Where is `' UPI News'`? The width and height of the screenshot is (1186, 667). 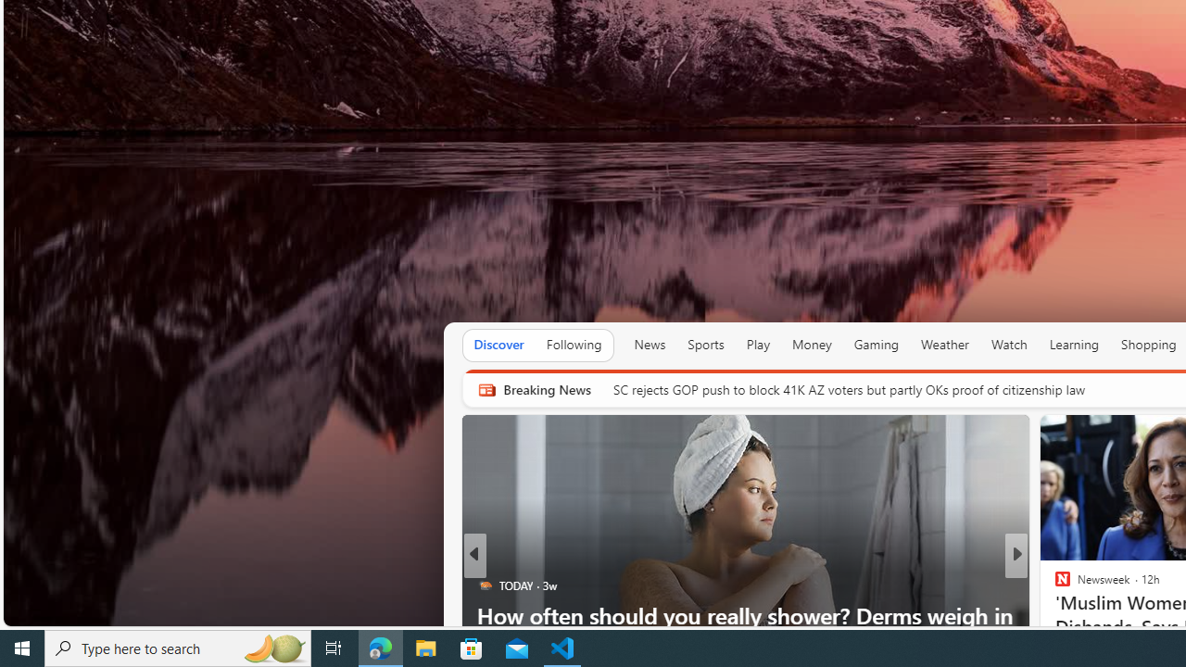 ' UPI News' is located at coordinates (1054, 585).